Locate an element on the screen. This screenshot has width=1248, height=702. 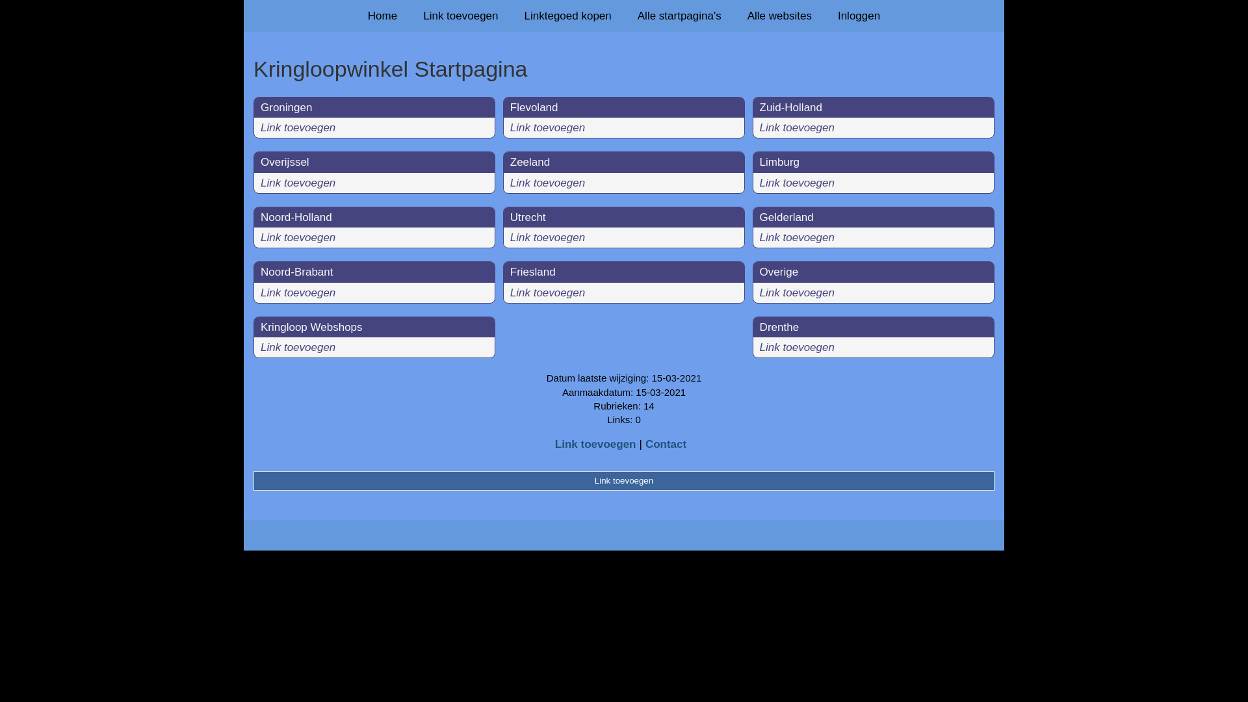
'Groningen' is located at coordinates (285, 107).